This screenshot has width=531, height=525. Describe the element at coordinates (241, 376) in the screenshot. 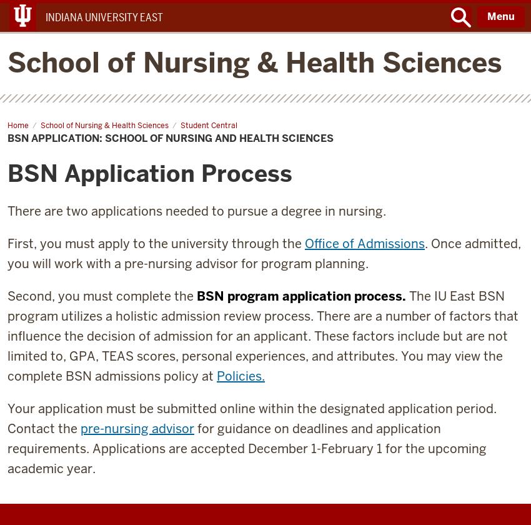

I see `'Policies.'` at that location.